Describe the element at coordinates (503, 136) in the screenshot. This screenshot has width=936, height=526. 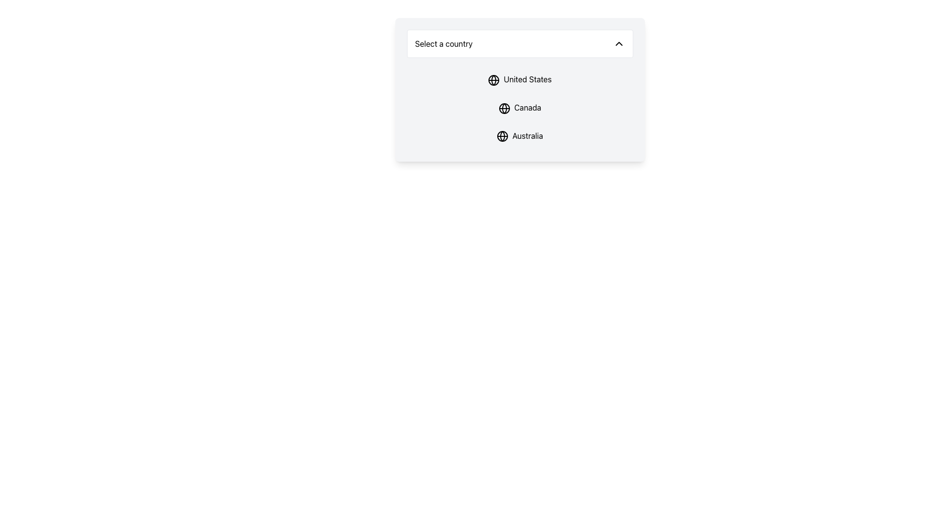
I see `the circular graphical icon representing the 'Australia' option in the country selection dropdown menu` at that location.